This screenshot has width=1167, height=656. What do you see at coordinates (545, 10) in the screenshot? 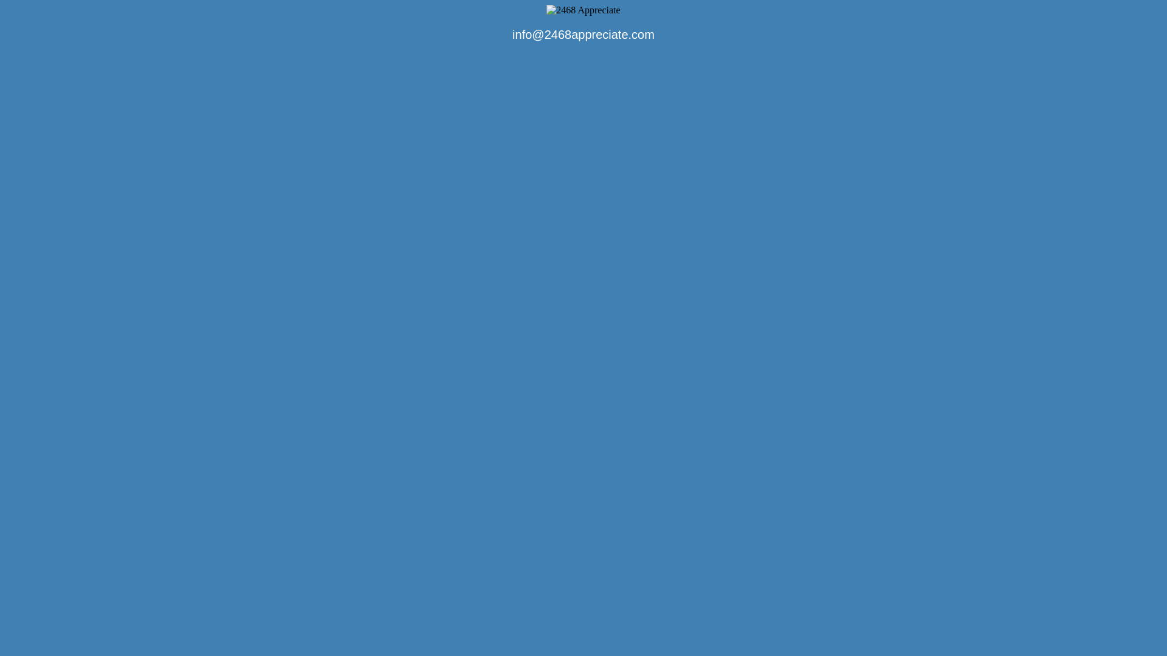
I see `'2468 Appreciate'` at bounding box center [545, 10].